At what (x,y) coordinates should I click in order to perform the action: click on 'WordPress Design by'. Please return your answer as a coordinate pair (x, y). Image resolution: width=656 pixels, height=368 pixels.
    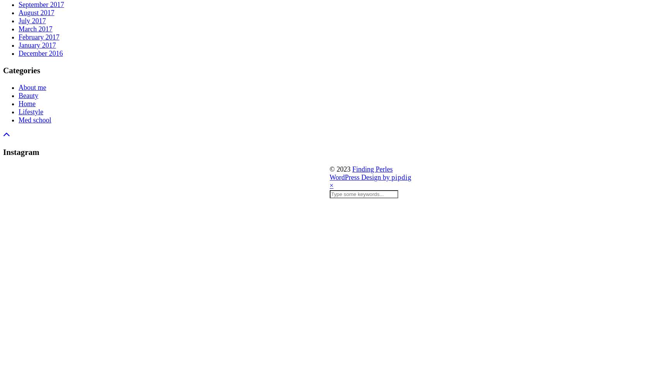
    Looking at the image, I should click on (360, 177).